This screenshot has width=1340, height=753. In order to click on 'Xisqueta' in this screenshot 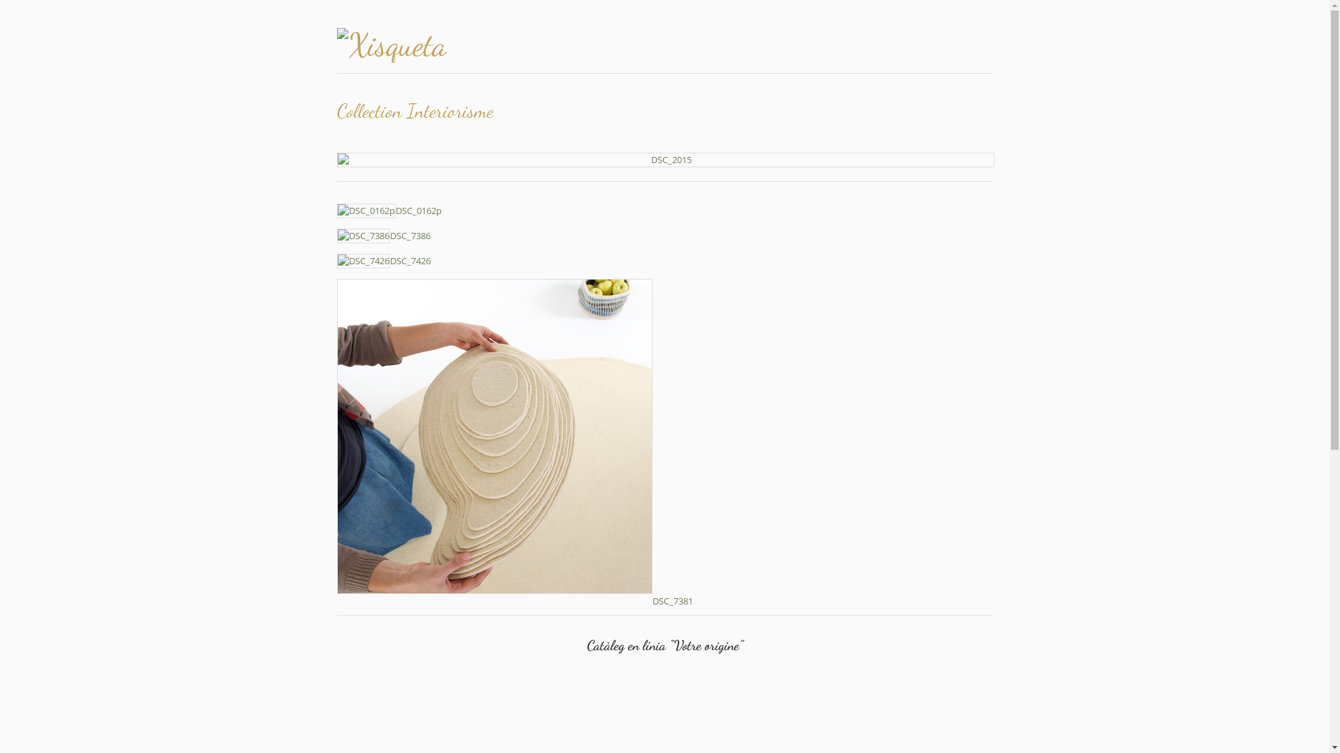, I will do `click(433, 45)`.